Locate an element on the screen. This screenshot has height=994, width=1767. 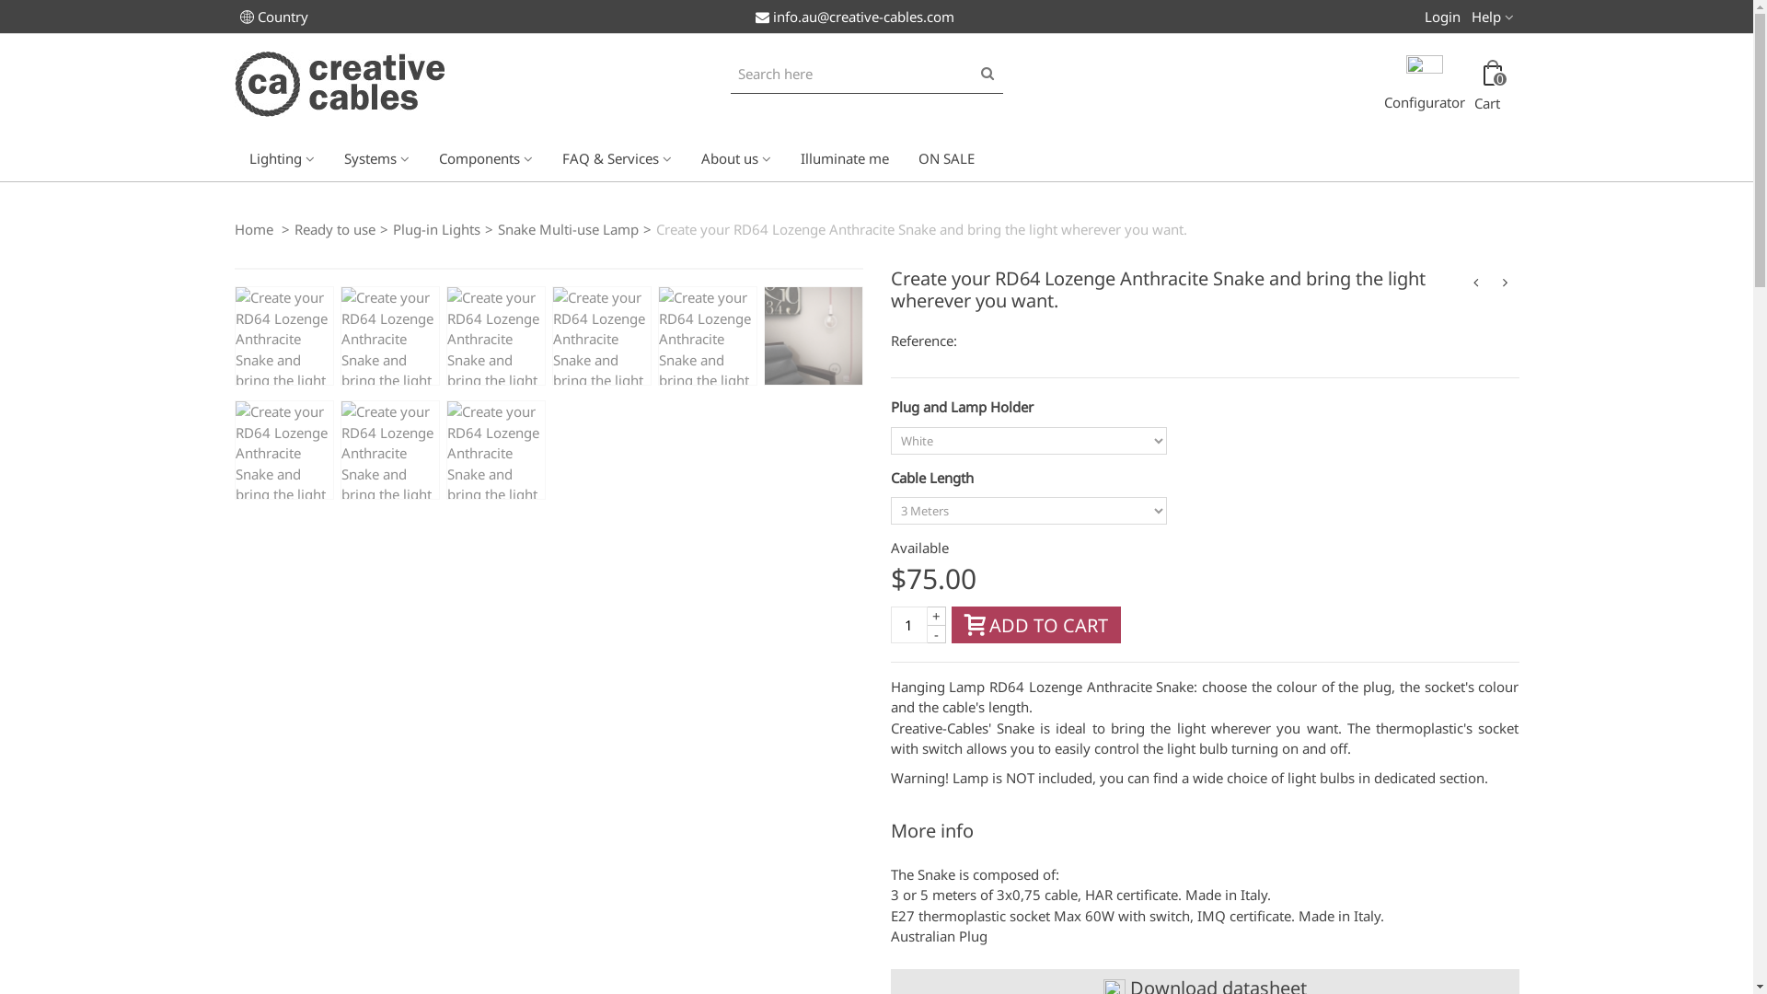
'0 is located at coordinates (1491, 87).